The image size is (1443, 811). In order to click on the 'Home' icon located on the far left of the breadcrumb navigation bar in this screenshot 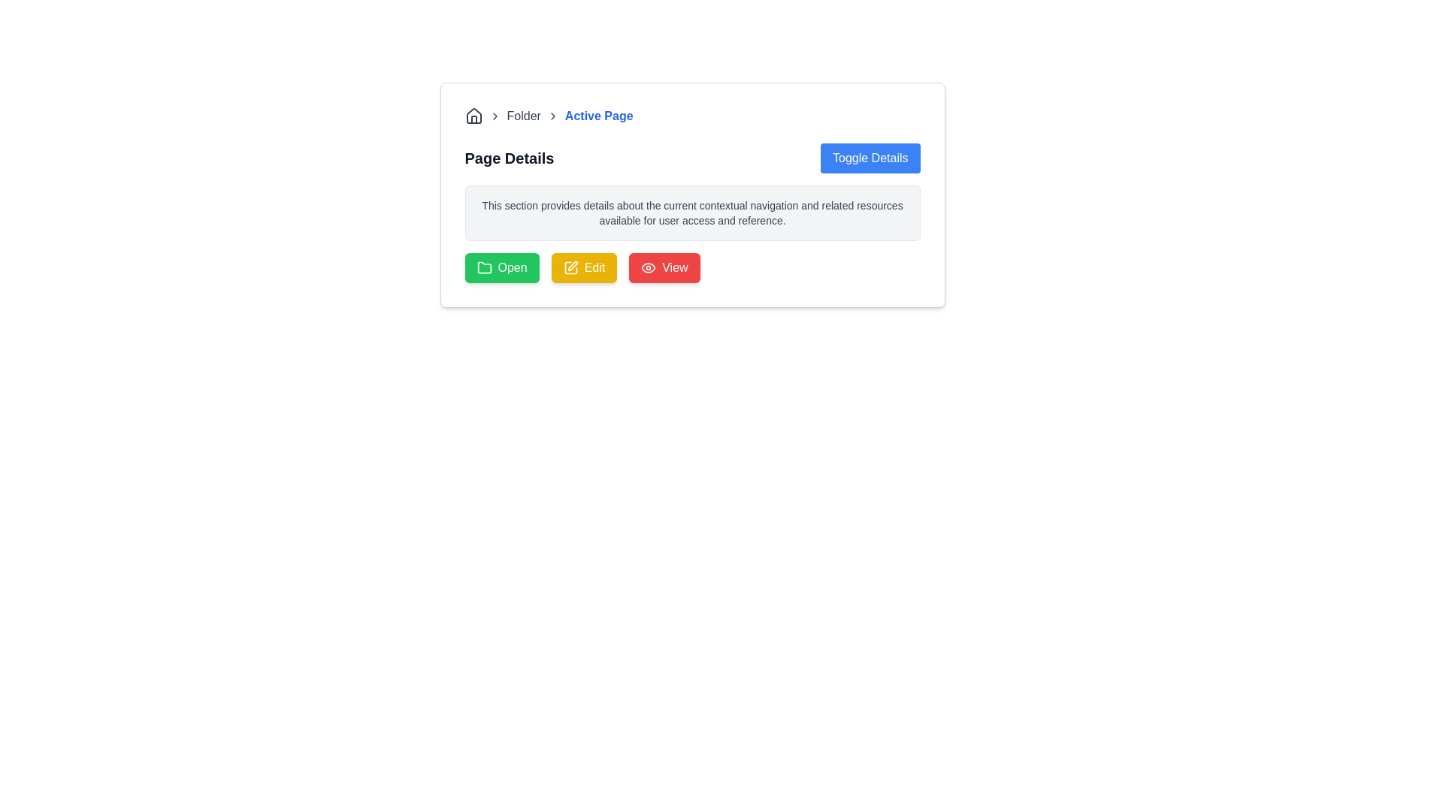, I will do `click(473, 115)`.